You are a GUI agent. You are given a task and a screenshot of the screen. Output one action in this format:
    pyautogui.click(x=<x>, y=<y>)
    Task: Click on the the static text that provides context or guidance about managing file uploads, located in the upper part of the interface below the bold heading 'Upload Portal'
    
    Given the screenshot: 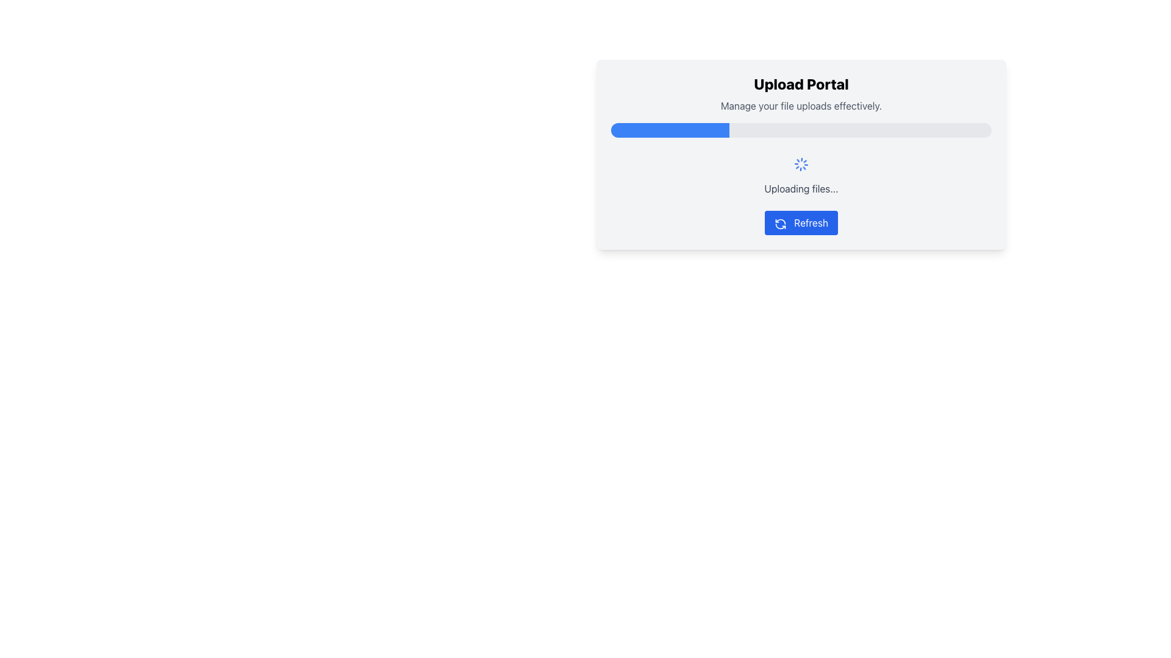 What is the action you would take?
    pyautogui.click(x=801, y=105)
    